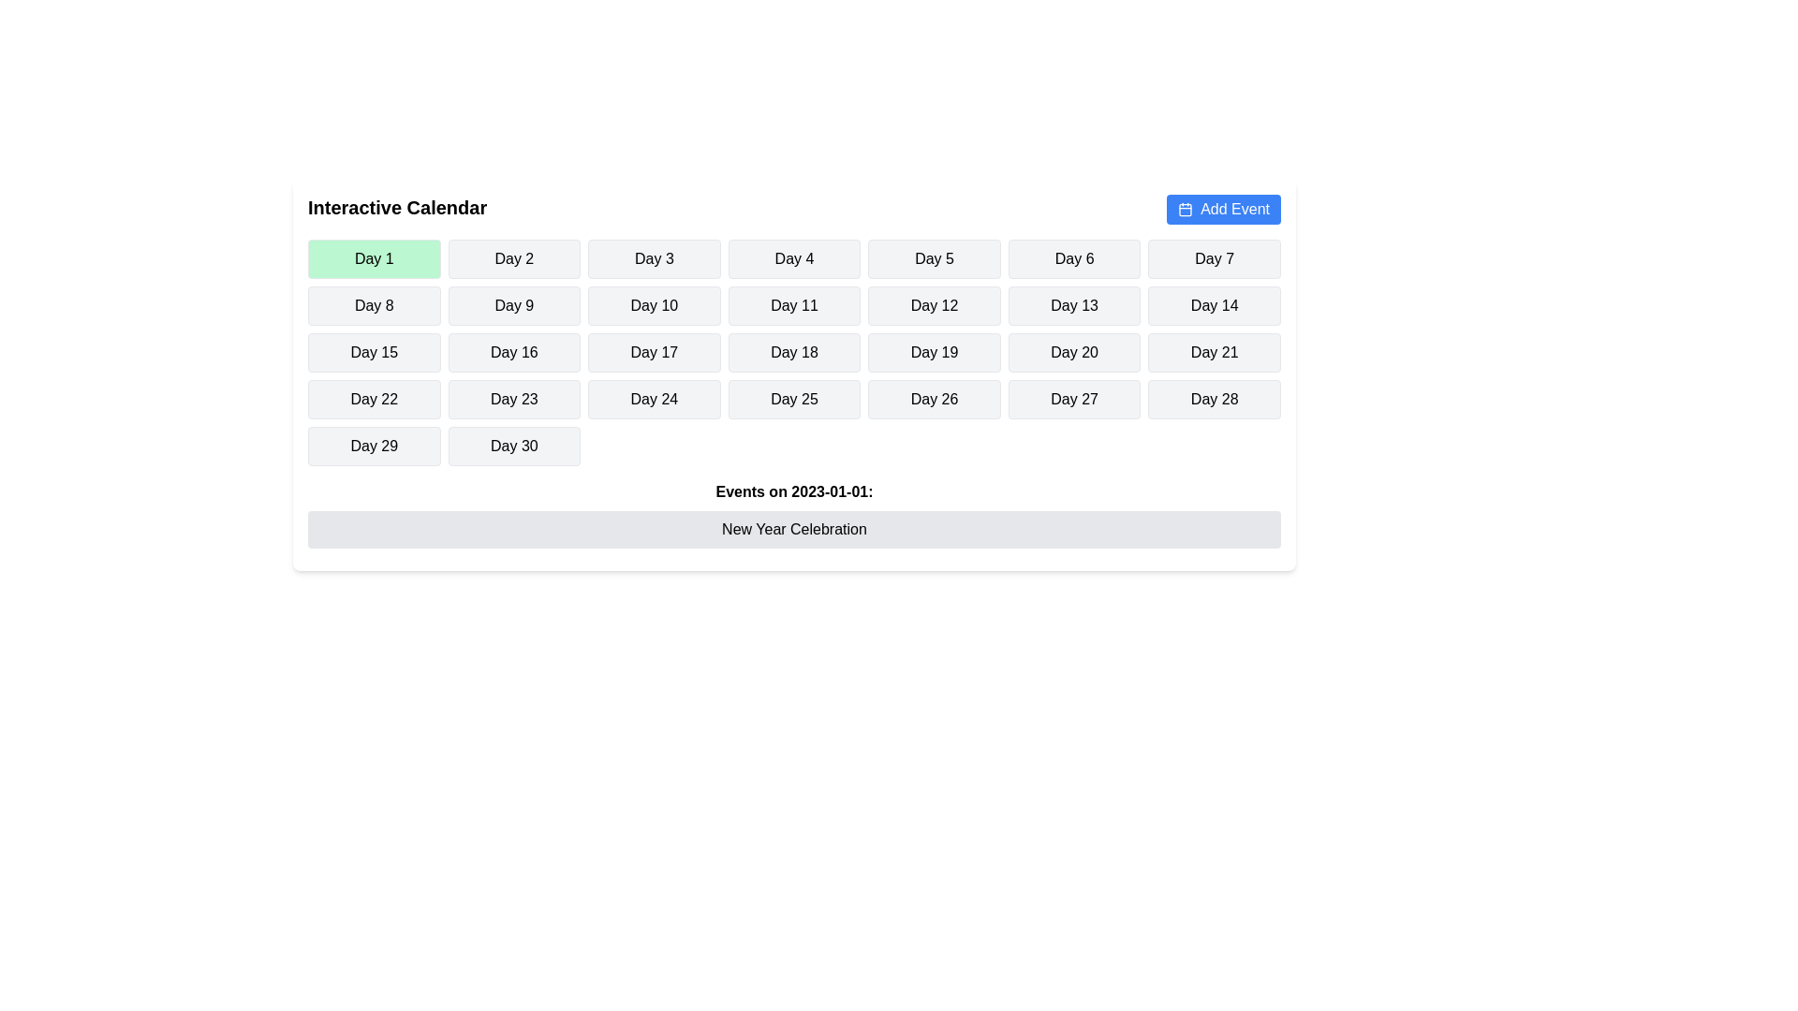 The image size is (1798, 1011). What do you see at coordinates (1074, 399) in the screenshot?
I see `the 'Day 27' button, which is a rectangular button with rounded corners, light gray background, and is located in the fifth row and sixth column of the grid layout` at bounding box center [1074, 399].